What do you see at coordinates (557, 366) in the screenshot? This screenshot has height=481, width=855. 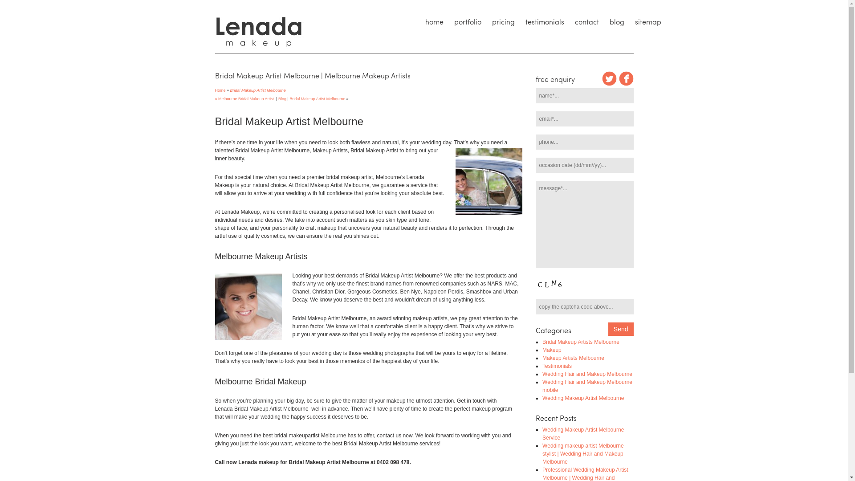 I see `'Testimonials'` at bounding box center [557, 366].